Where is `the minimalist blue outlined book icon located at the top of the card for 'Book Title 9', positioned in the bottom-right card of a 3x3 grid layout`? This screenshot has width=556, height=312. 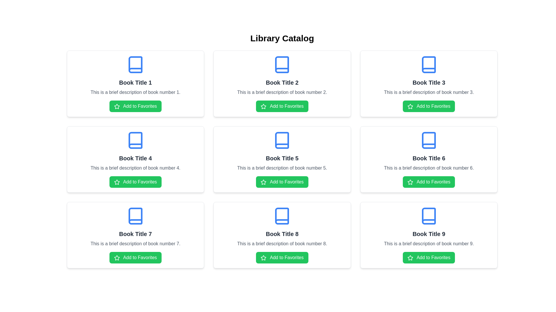
the minimalist blue outlined book icon located at the top of the card for 'Book Title 9', positioned in the bottom-right card of a 3x3 grid layout is located at coordinates (429, 216).